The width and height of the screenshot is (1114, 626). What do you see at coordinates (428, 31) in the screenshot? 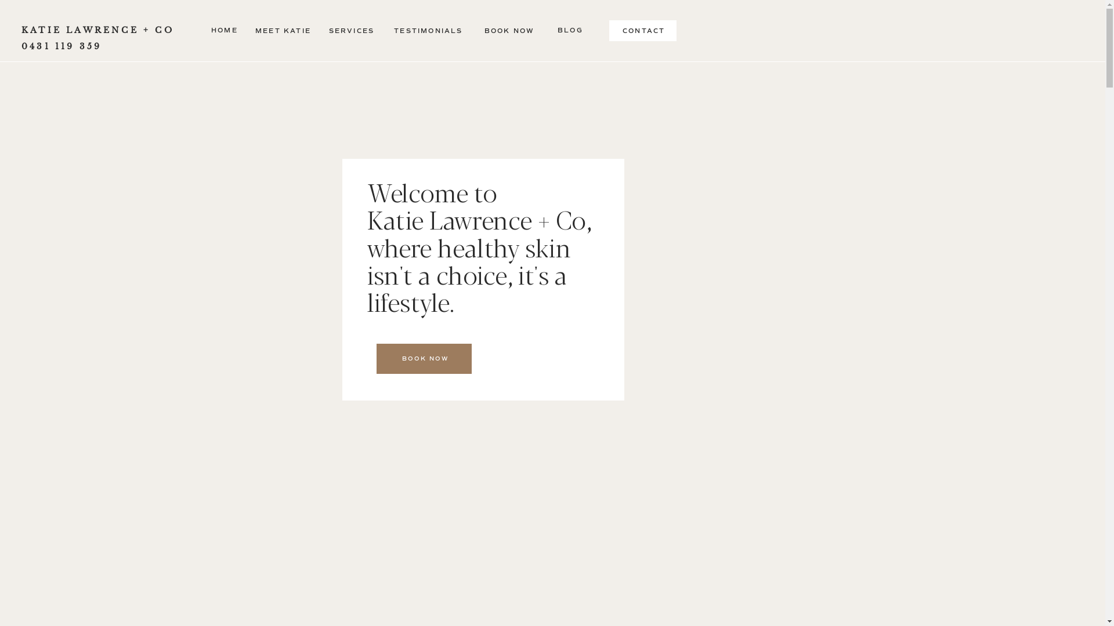
I see `'TESTIMONIALS'` at bounding box center [428, 31].